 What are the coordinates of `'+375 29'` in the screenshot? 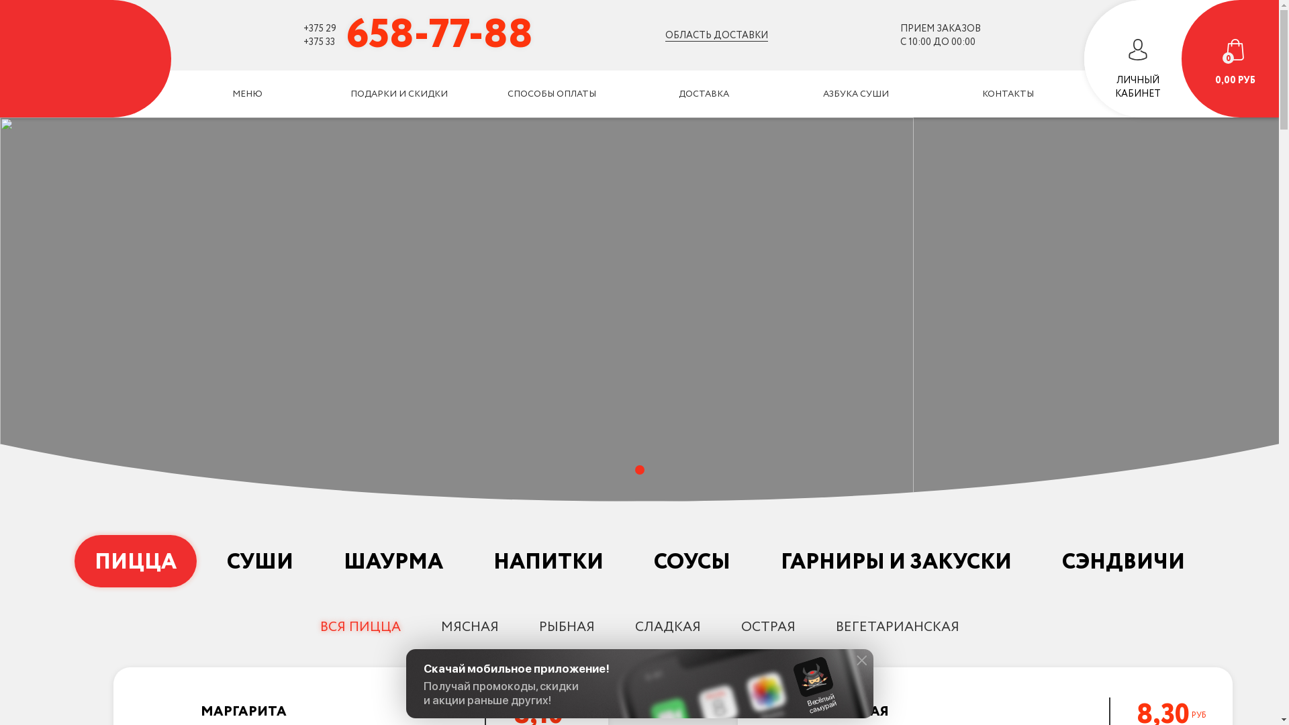 It's located at (319, 28).